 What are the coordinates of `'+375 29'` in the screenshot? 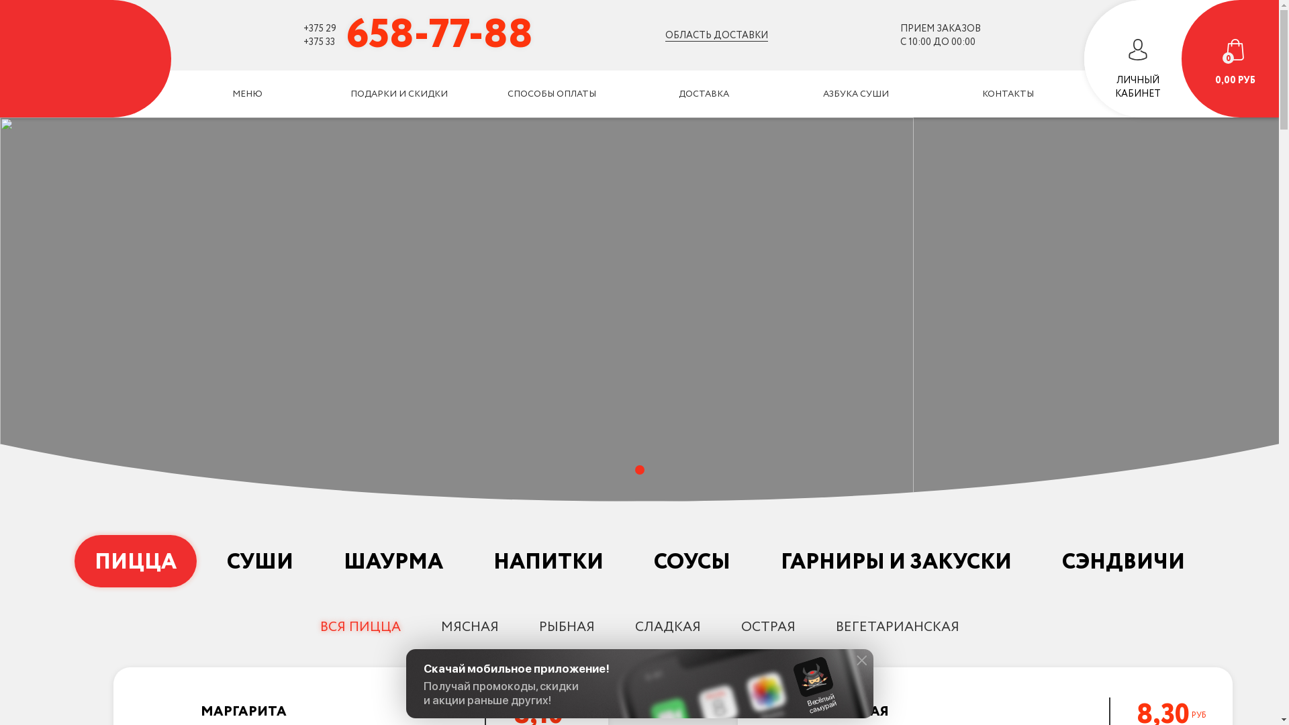 It's located at (319, 28).